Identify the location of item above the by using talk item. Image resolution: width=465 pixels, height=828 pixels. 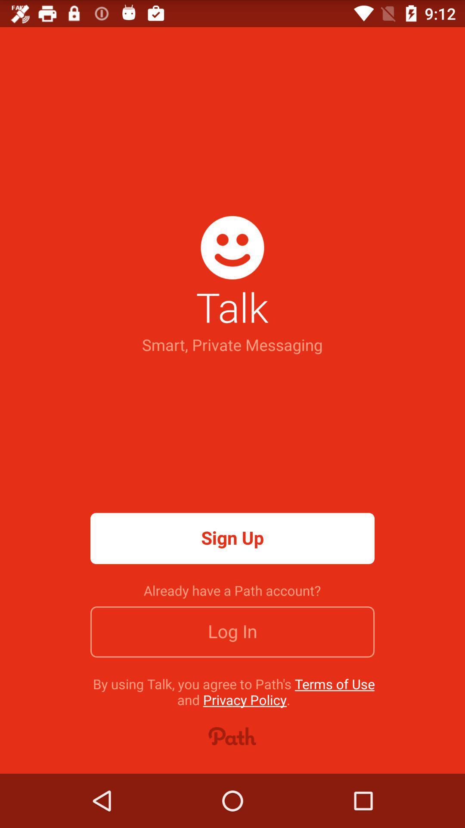
(232, 632).